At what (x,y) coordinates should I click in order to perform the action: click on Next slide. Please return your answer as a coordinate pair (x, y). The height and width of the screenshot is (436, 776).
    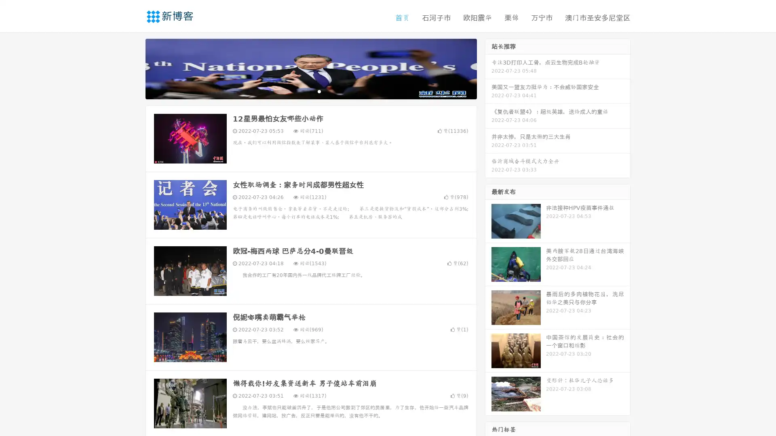
    Looking at the image, I should click on (488, 68).